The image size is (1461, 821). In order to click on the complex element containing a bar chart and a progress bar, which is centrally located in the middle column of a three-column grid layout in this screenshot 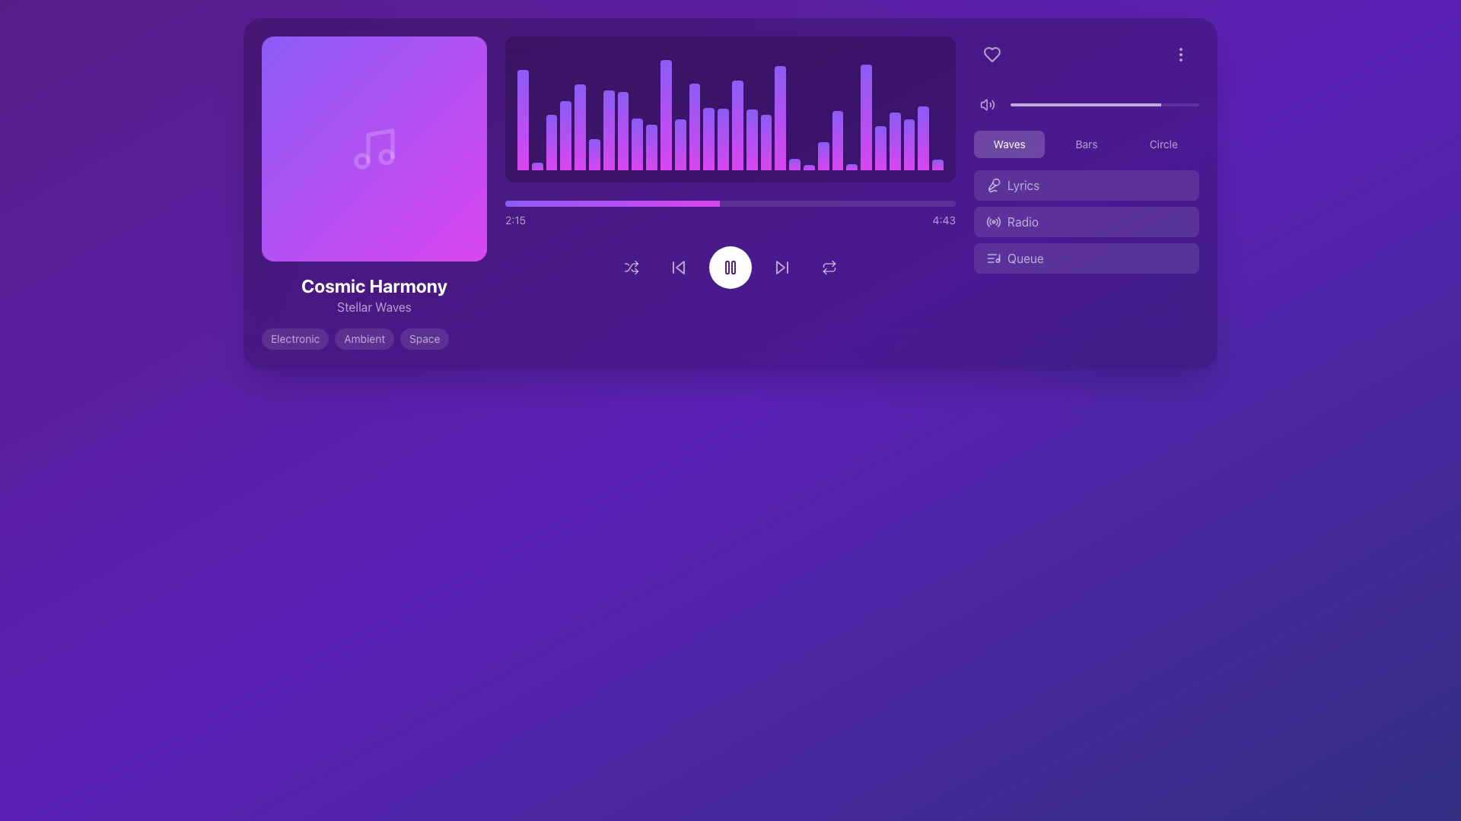, I will do `click(730, 192)`.